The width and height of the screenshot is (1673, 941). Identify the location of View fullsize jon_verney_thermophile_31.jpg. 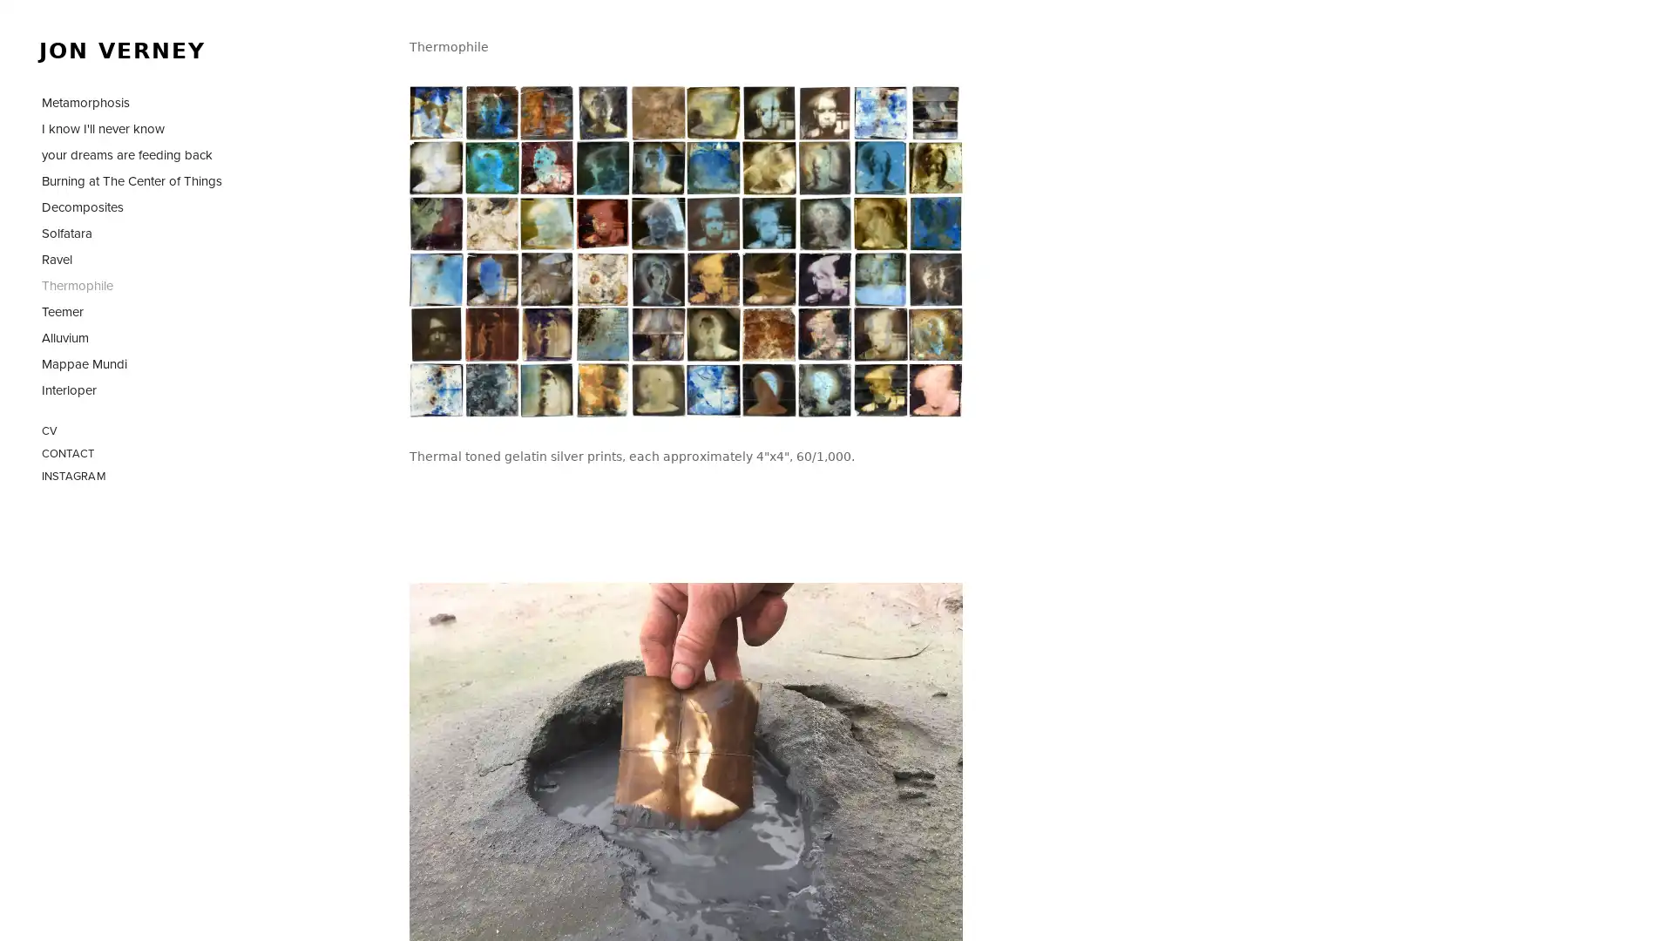
(656, 335).